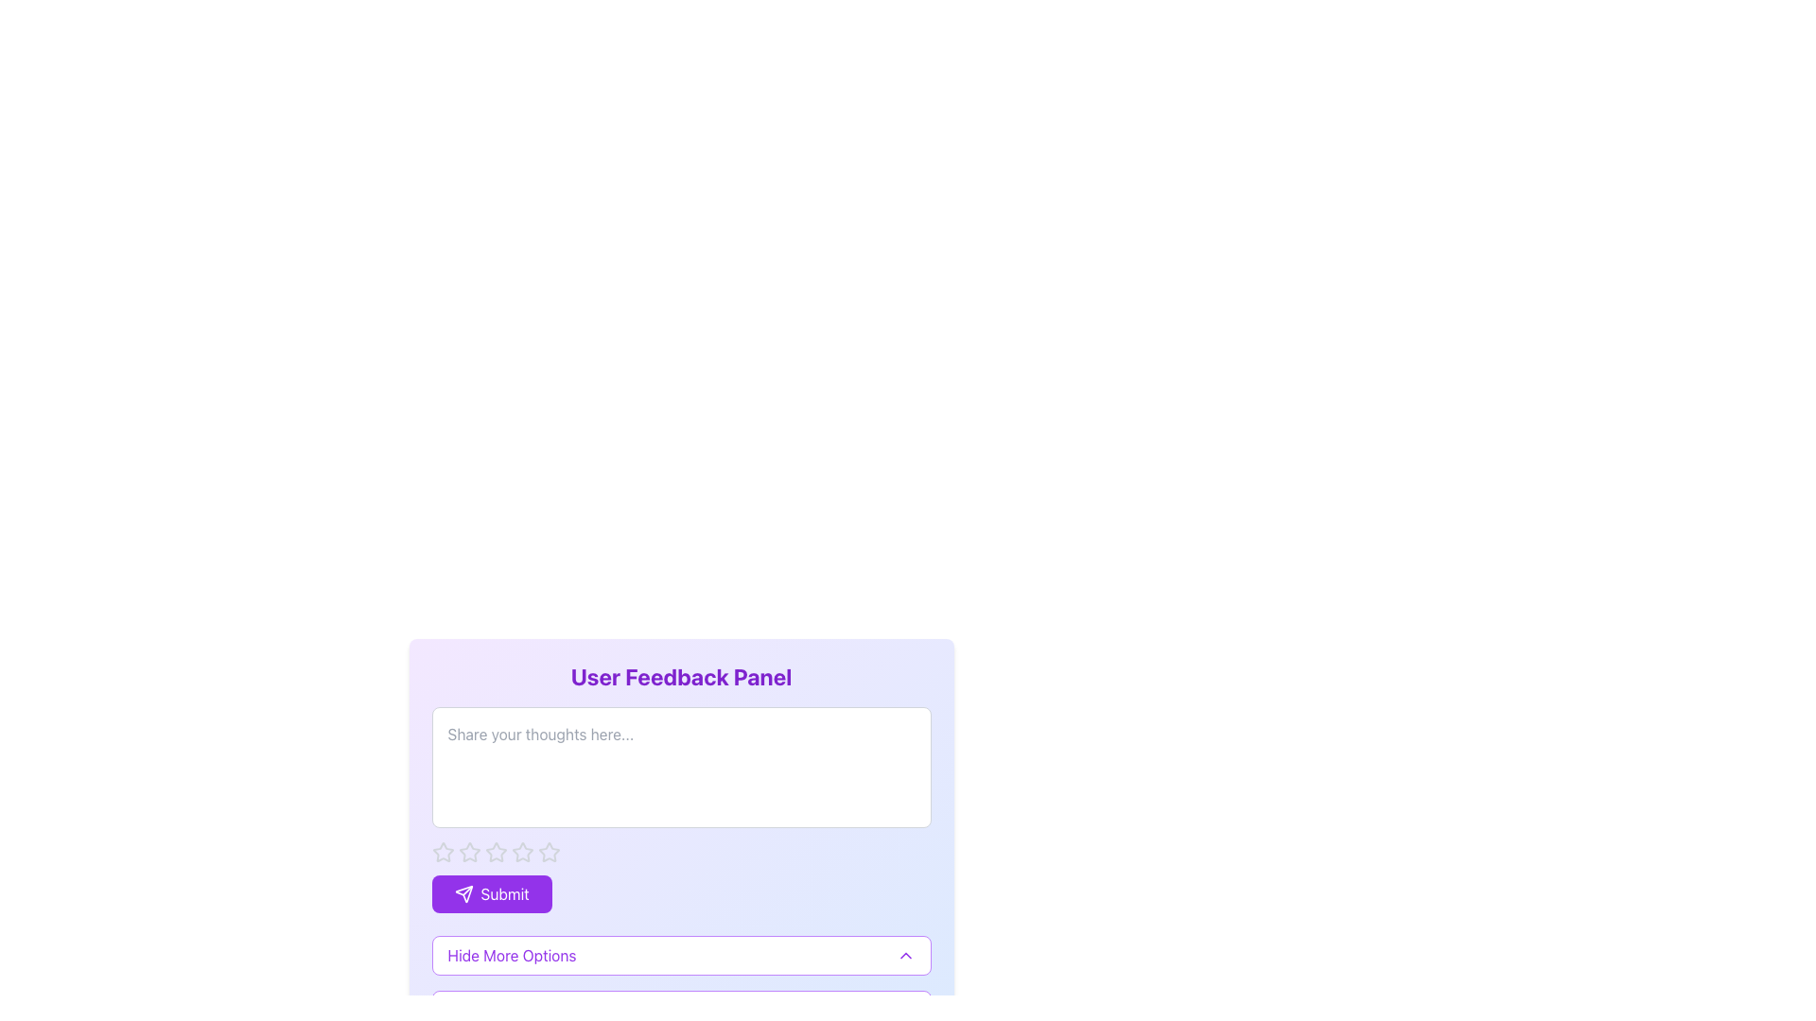 This screenshot has height=1021, width=1816. I want to click on the icon at the far right end of the 'Hide More Options' button, so click(904, 955).